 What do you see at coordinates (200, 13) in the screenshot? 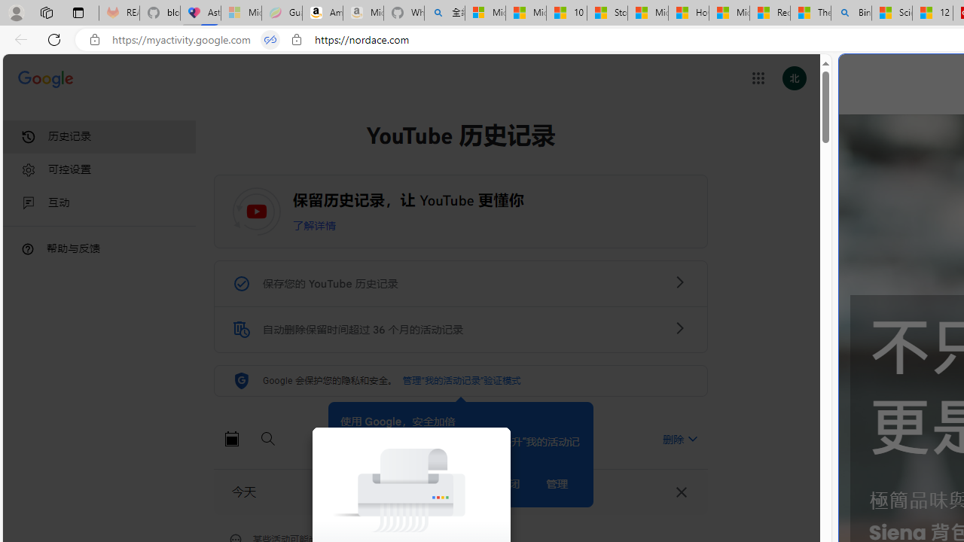
I see `'Asthma Inhalers: Names and Types'` at bounding box center [200, 13].